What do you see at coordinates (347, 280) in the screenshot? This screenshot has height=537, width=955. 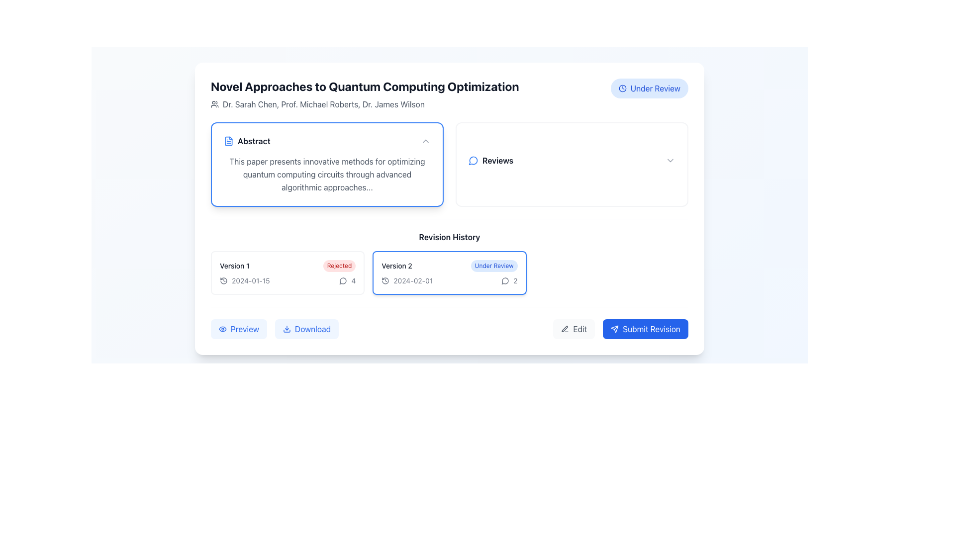 I see `the Badge with an icon and numerical label that indicates the number of comments associated with 'Version 1', located at the bottom right section of the 'Version 1' card in the revision history section` at bounding box center [347, 280].